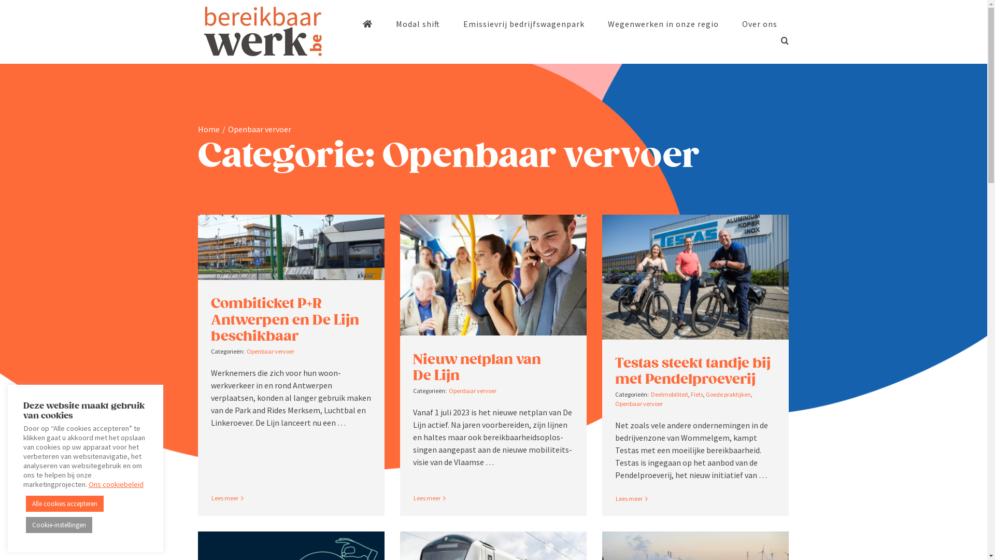 This screenshot has width=995, height=560. I want to click on 'Nieuw netplan van De Lijn', so click(476, 367).